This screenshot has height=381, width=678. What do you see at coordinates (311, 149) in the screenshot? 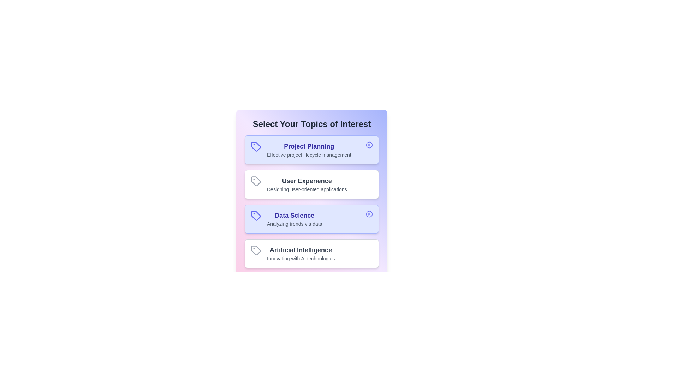
I see `the topic card labeled 'Project Planning' to observe UI changes` at bounding box center [311, 149].